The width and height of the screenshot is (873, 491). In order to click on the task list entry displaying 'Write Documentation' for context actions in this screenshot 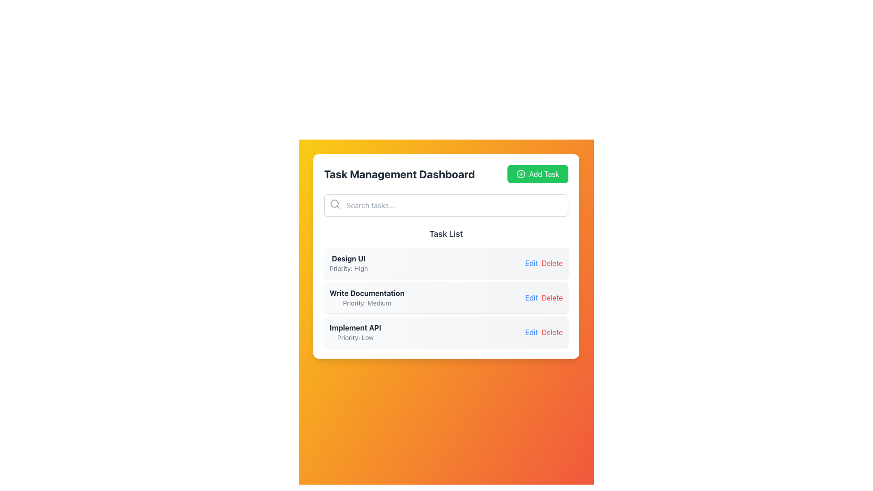, I will do `click(366, 298)`.